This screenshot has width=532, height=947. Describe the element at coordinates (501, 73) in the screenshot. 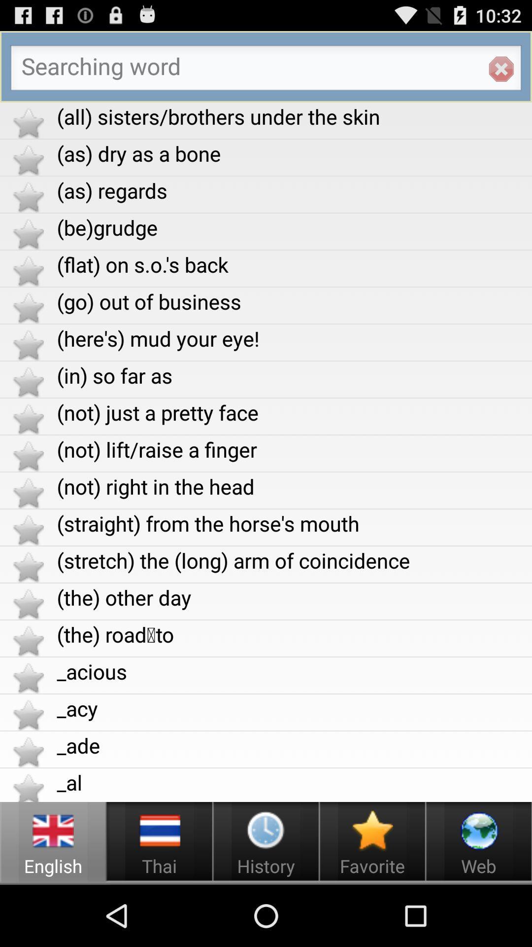

I see `the close icon` at that location.